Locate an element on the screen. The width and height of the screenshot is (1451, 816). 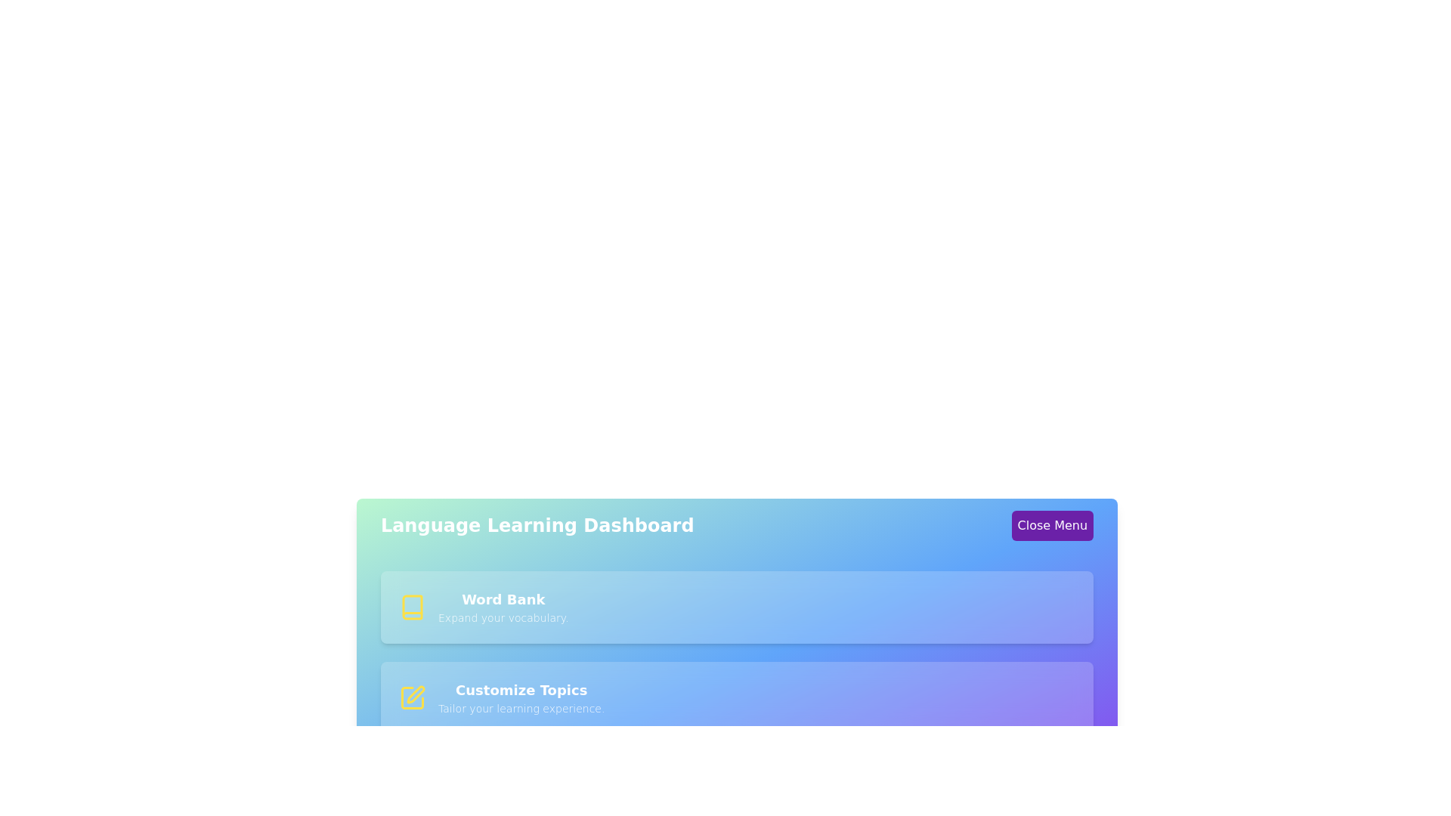
the 'Close Menu' button to toggle the menu visibility is located at coordinates (1051, 524).